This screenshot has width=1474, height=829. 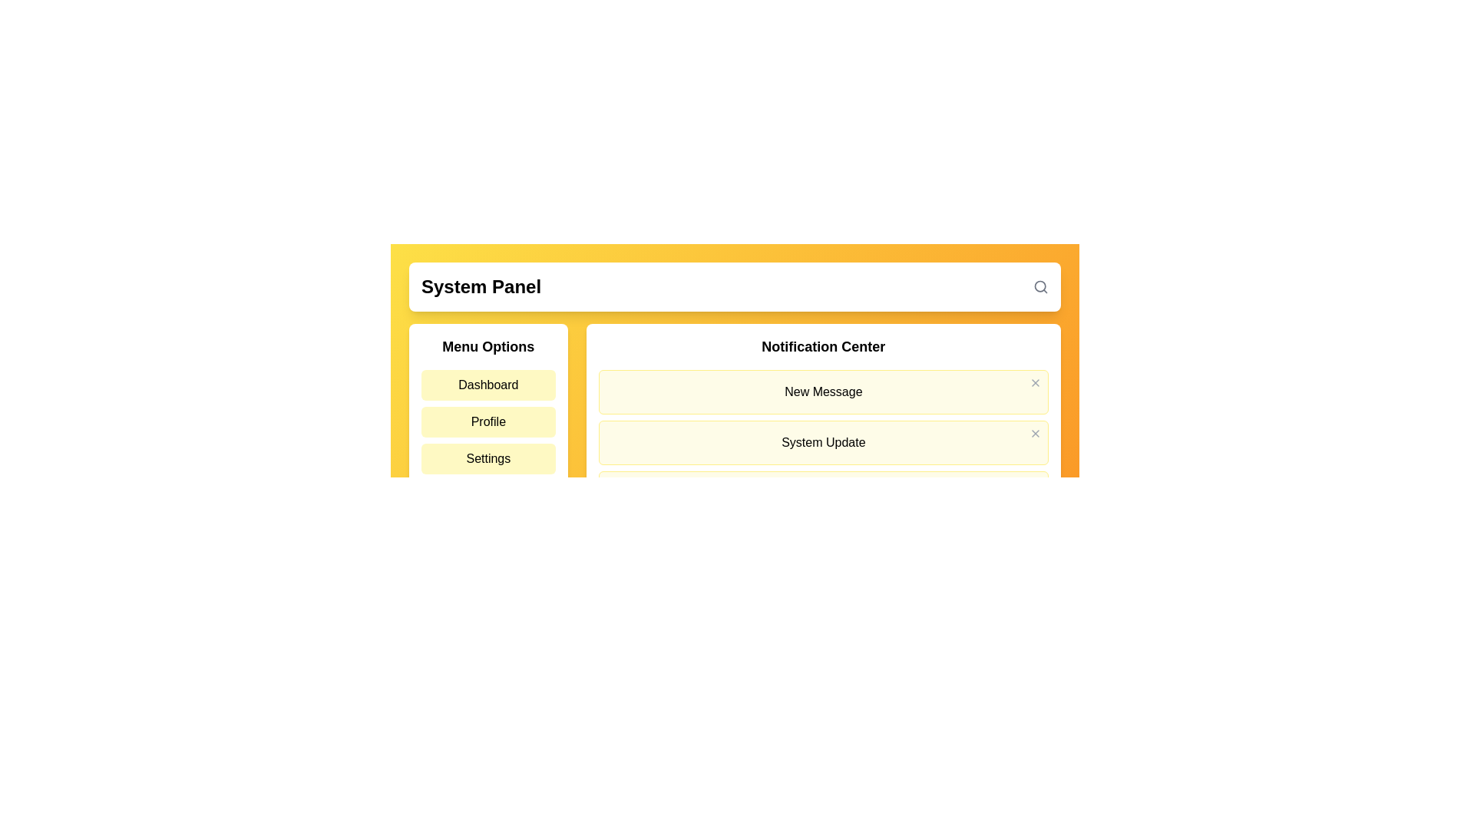 What do you see at coordinates (822, 346) in the screenshot?
I see `the header element that describes the list of notifications, which is located at the top of a white, rounded rectangle containing entries like 'New Message' and 'System Update'` at bounding box center [822, 346].